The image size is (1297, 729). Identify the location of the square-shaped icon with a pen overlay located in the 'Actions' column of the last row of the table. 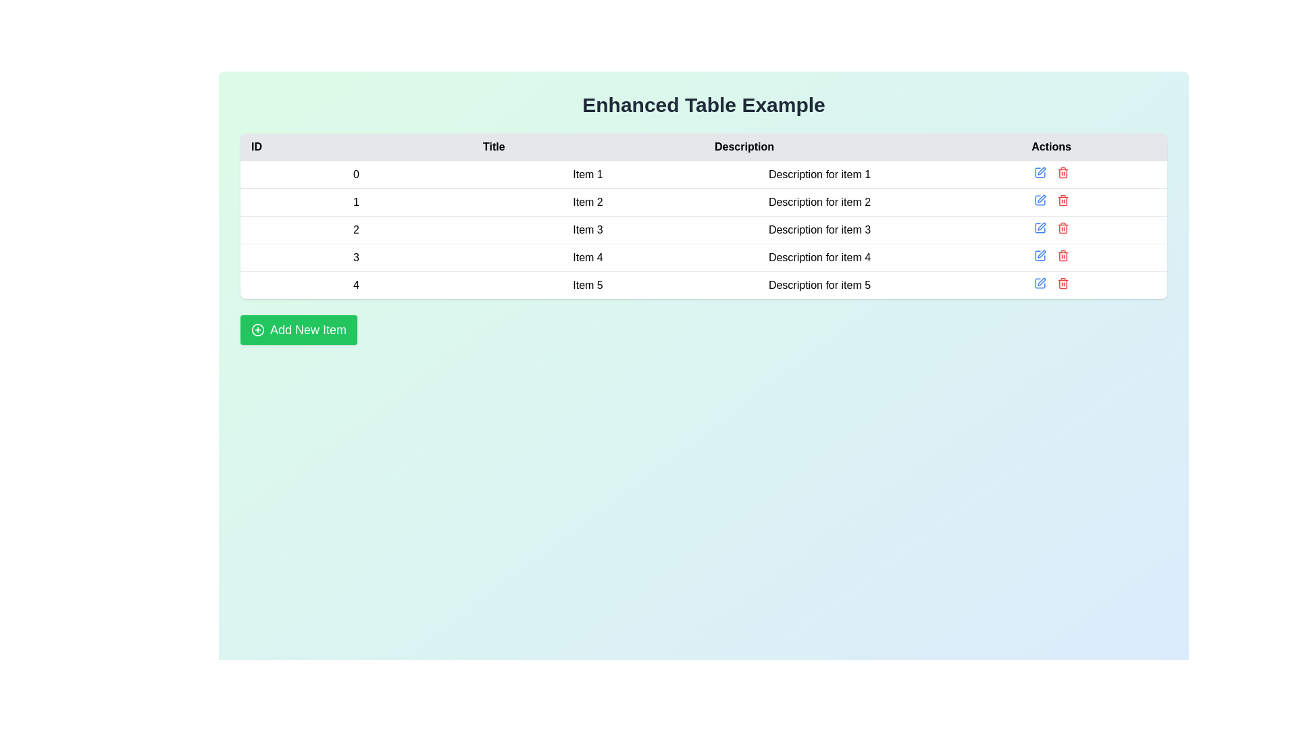
(1039, 283).